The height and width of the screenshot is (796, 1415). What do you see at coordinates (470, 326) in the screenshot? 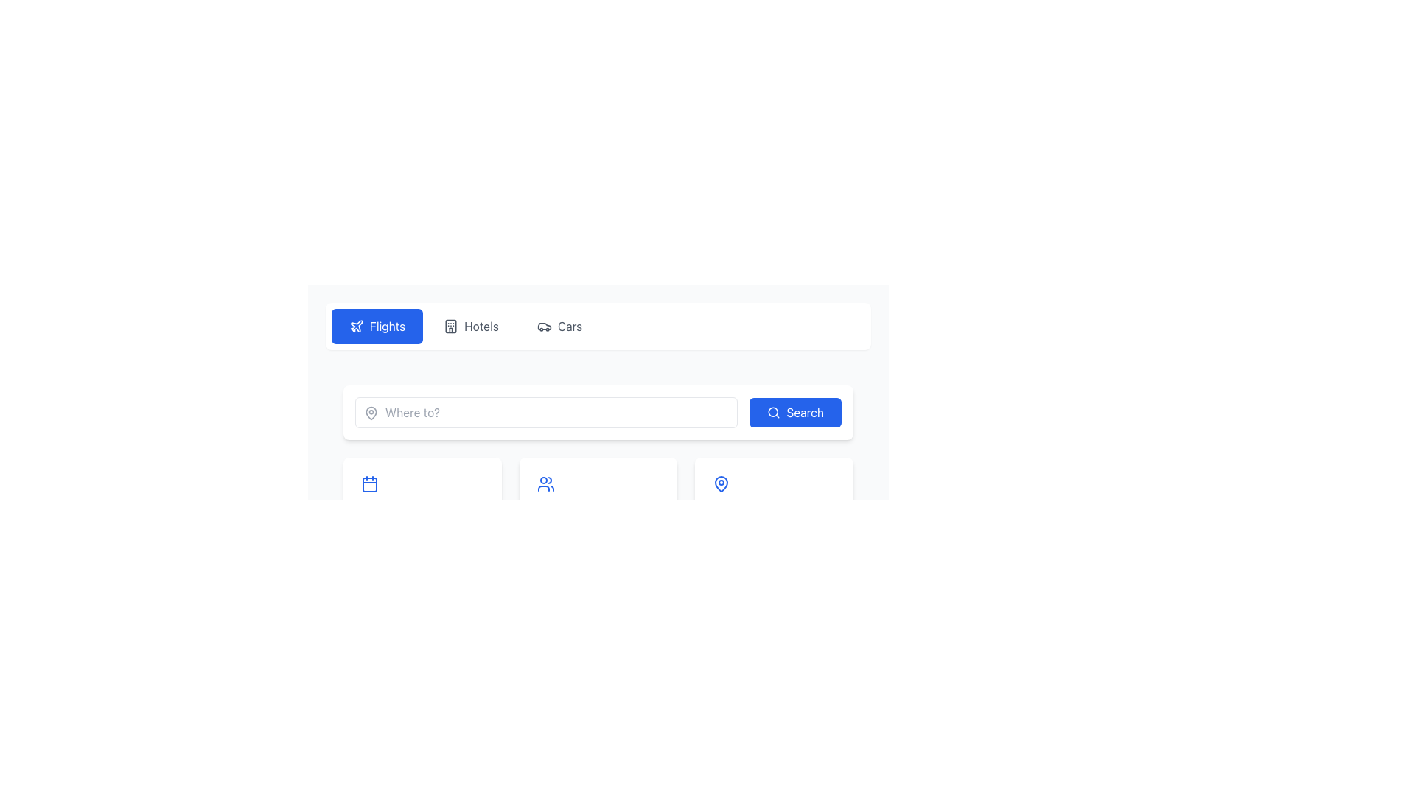
I see `the 'Hotels' button, which is the second button in a horizontal group of three options for 'Flights', 'Hotels', and 'Cars', to trigger the hover effect` at bounding box center [470, 326].